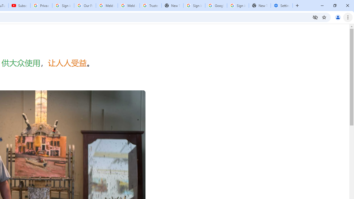 Image resolution: width=354 pixels, height=199 pixels. I want to click on 'Trusted Information and Content - Google Safety Center', so click(150, 6).